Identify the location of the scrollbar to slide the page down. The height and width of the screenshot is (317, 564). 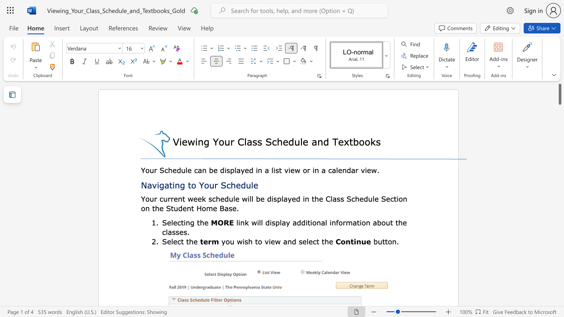
(559, 198).